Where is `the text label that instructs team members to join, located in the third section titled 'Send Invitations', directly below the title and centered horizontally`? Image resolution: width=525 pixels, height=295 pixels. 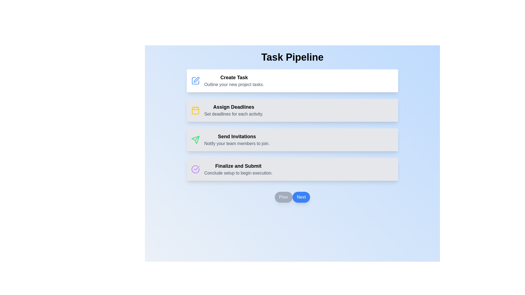 the text label that instructs team members to join, located in the third section titled 'Send Invitations', directly below the title and centered horizontally is located at coordinates (237, 143).